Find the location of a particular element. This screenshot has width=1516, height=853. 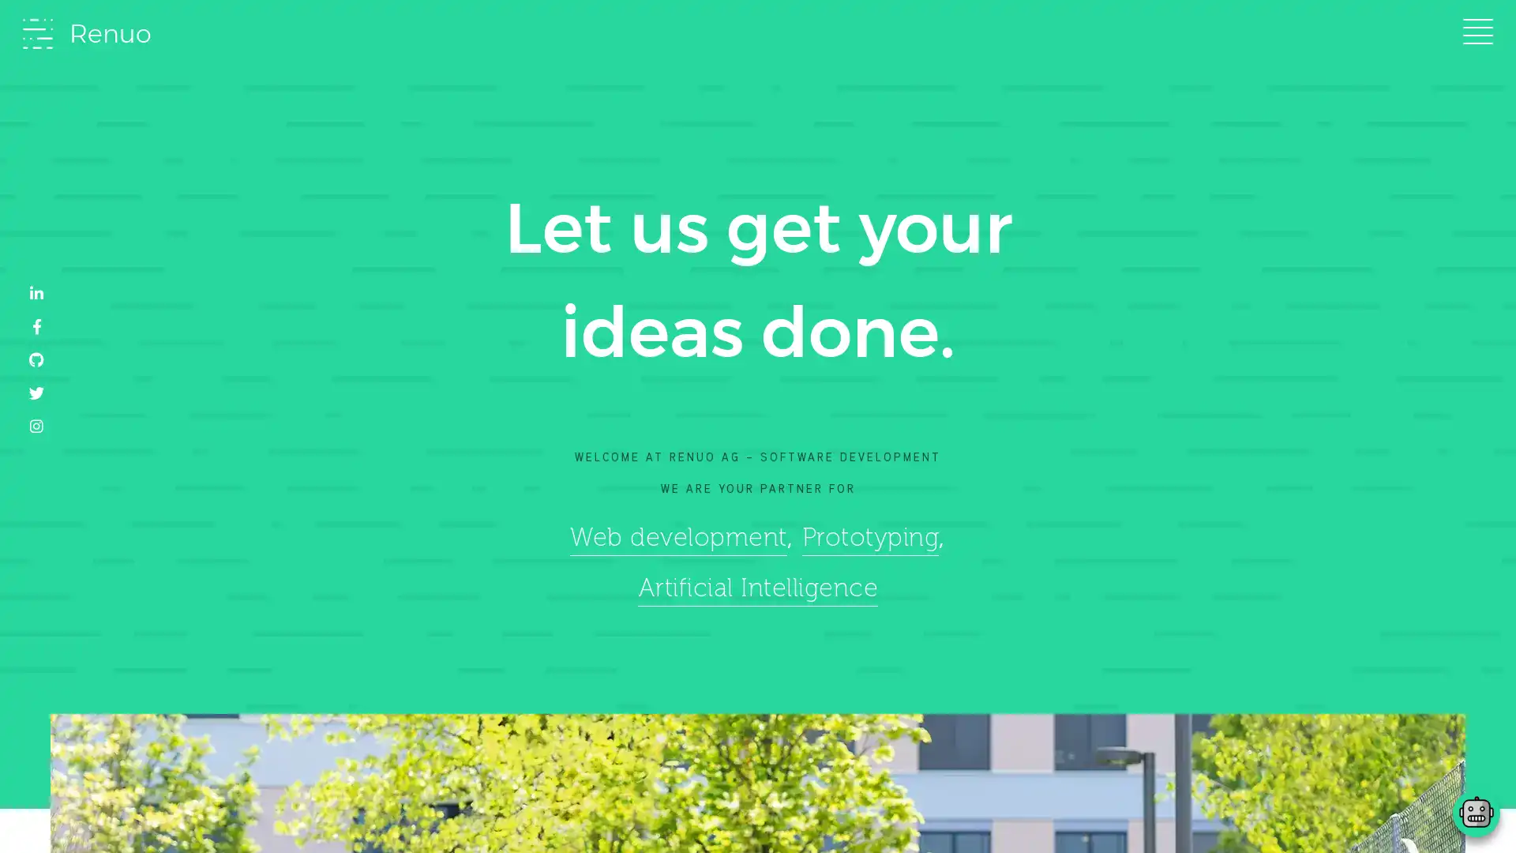

Toggle navigation is located at coordinates (1477, 31).